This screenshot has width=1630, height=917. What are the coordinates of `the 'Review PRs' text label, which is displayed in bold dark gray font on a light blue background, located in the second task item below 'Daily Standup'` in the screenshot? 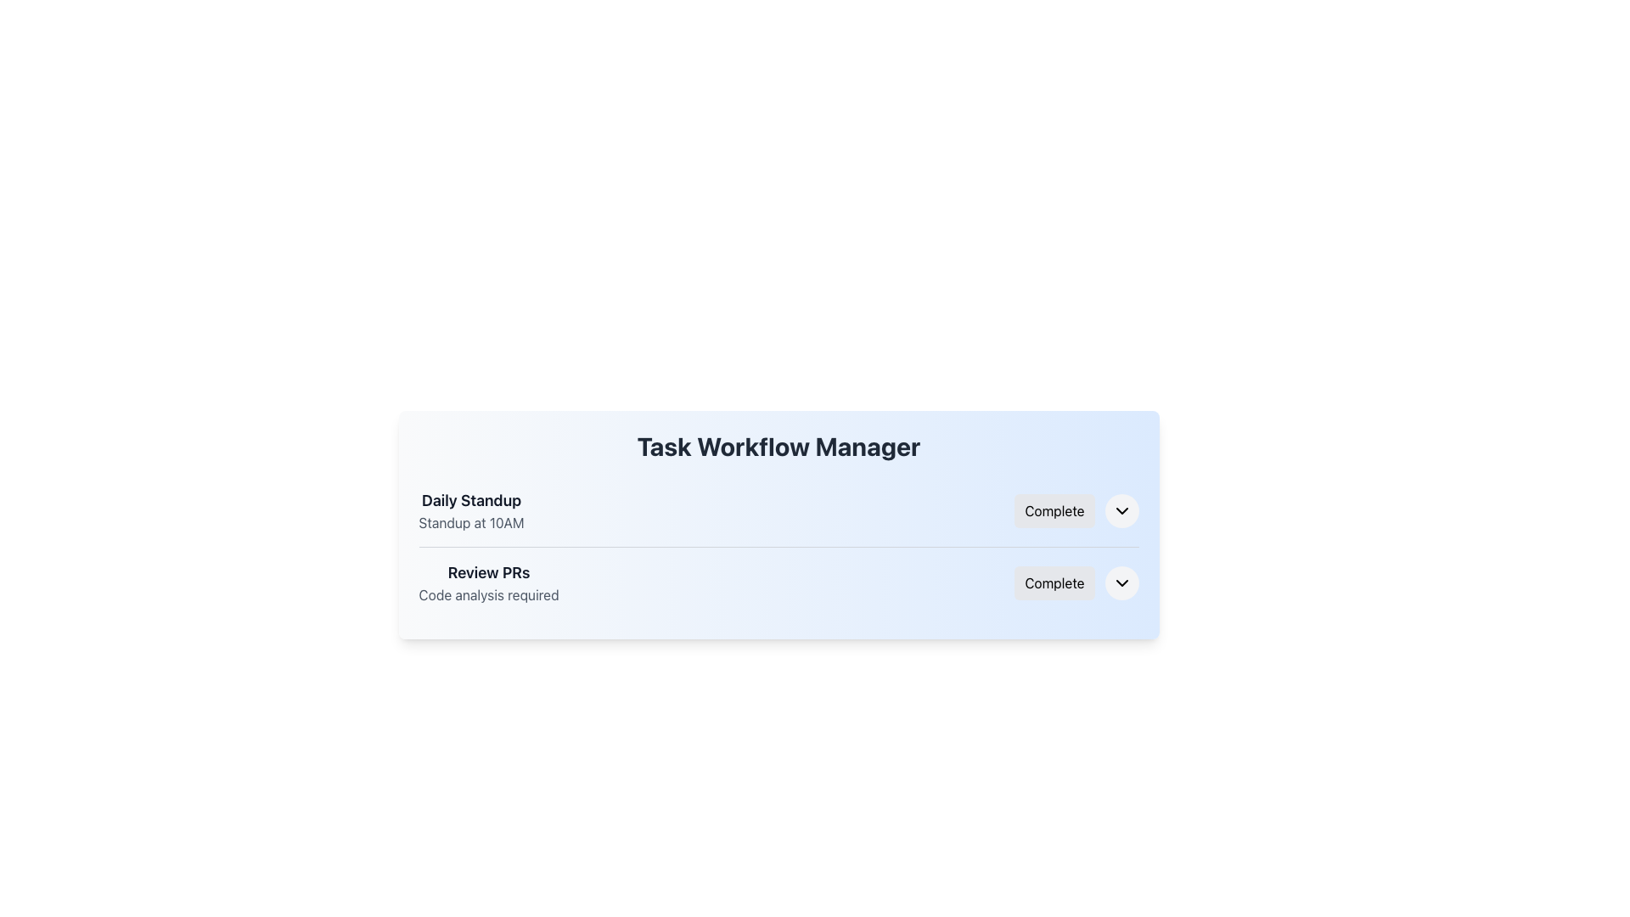 It's located at (488, 573).